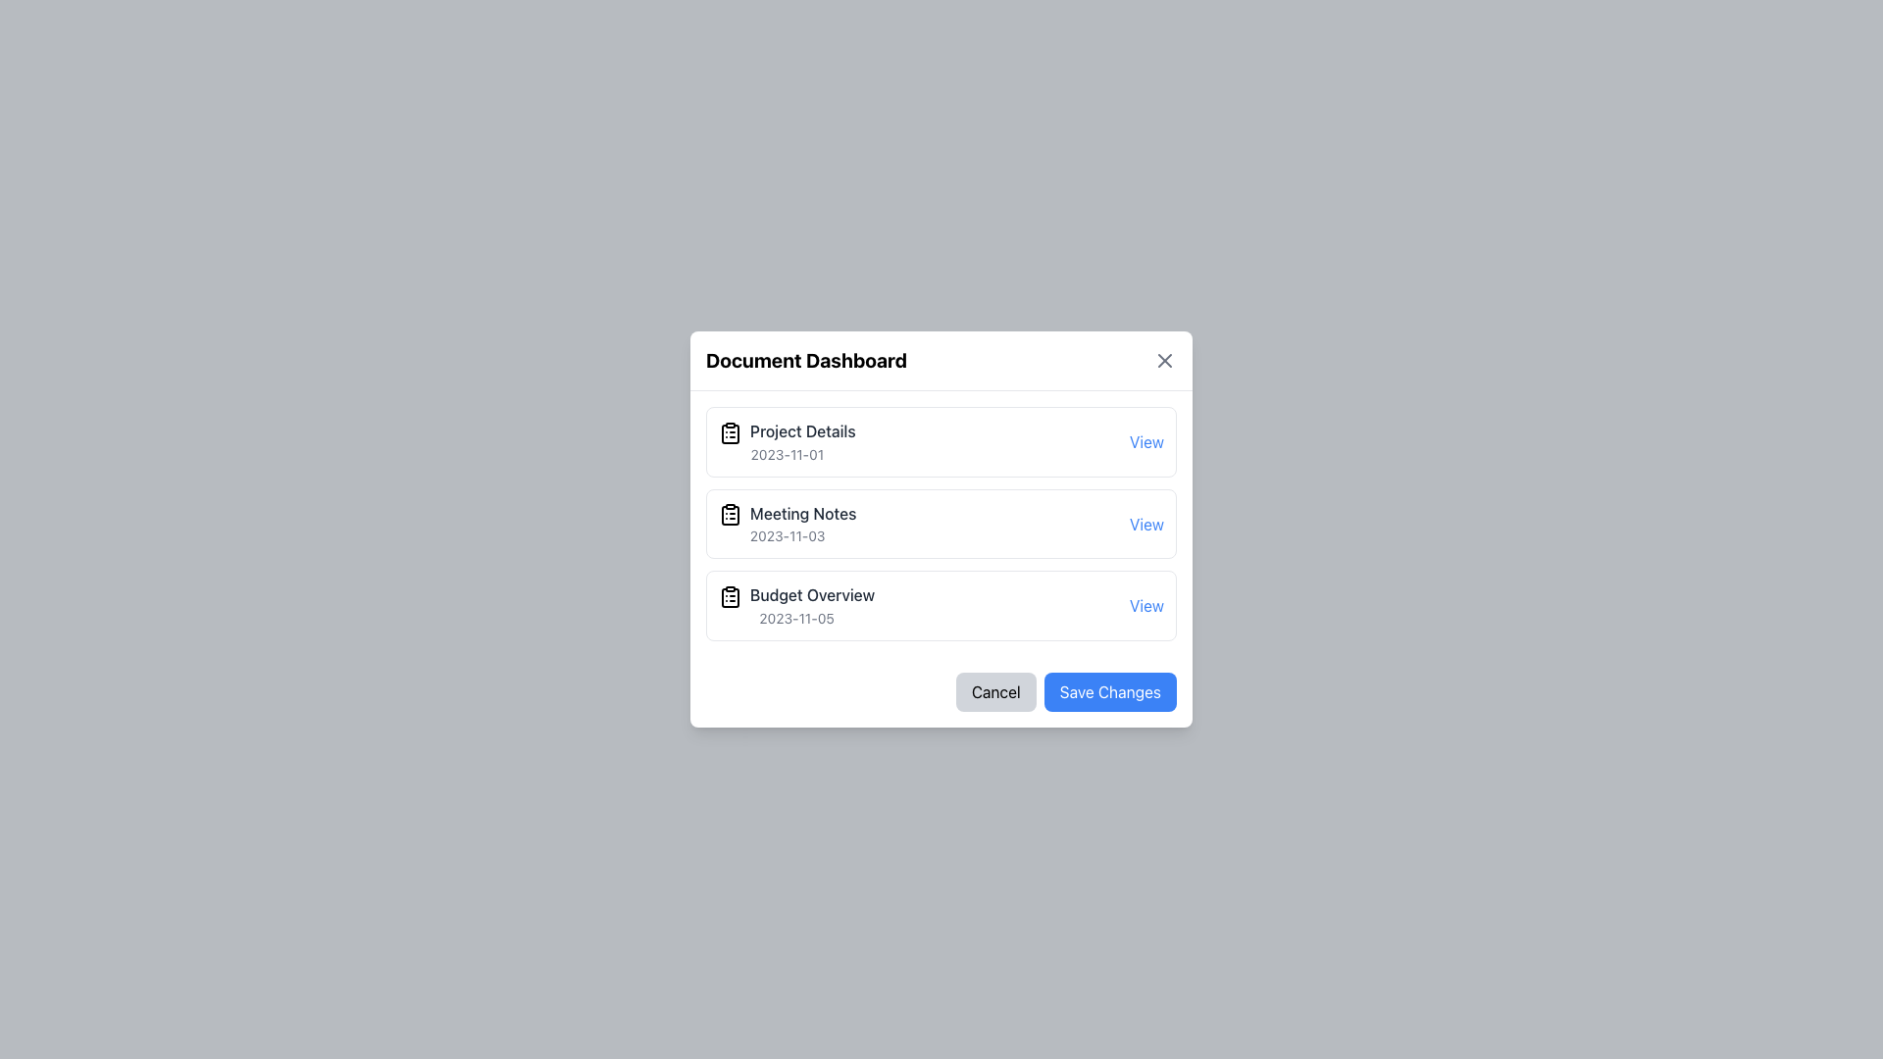 The height and width of the screenshot is (1059, 1883). I want to click on the second button in the footer section of the modal dialog, so click(1110, 690).